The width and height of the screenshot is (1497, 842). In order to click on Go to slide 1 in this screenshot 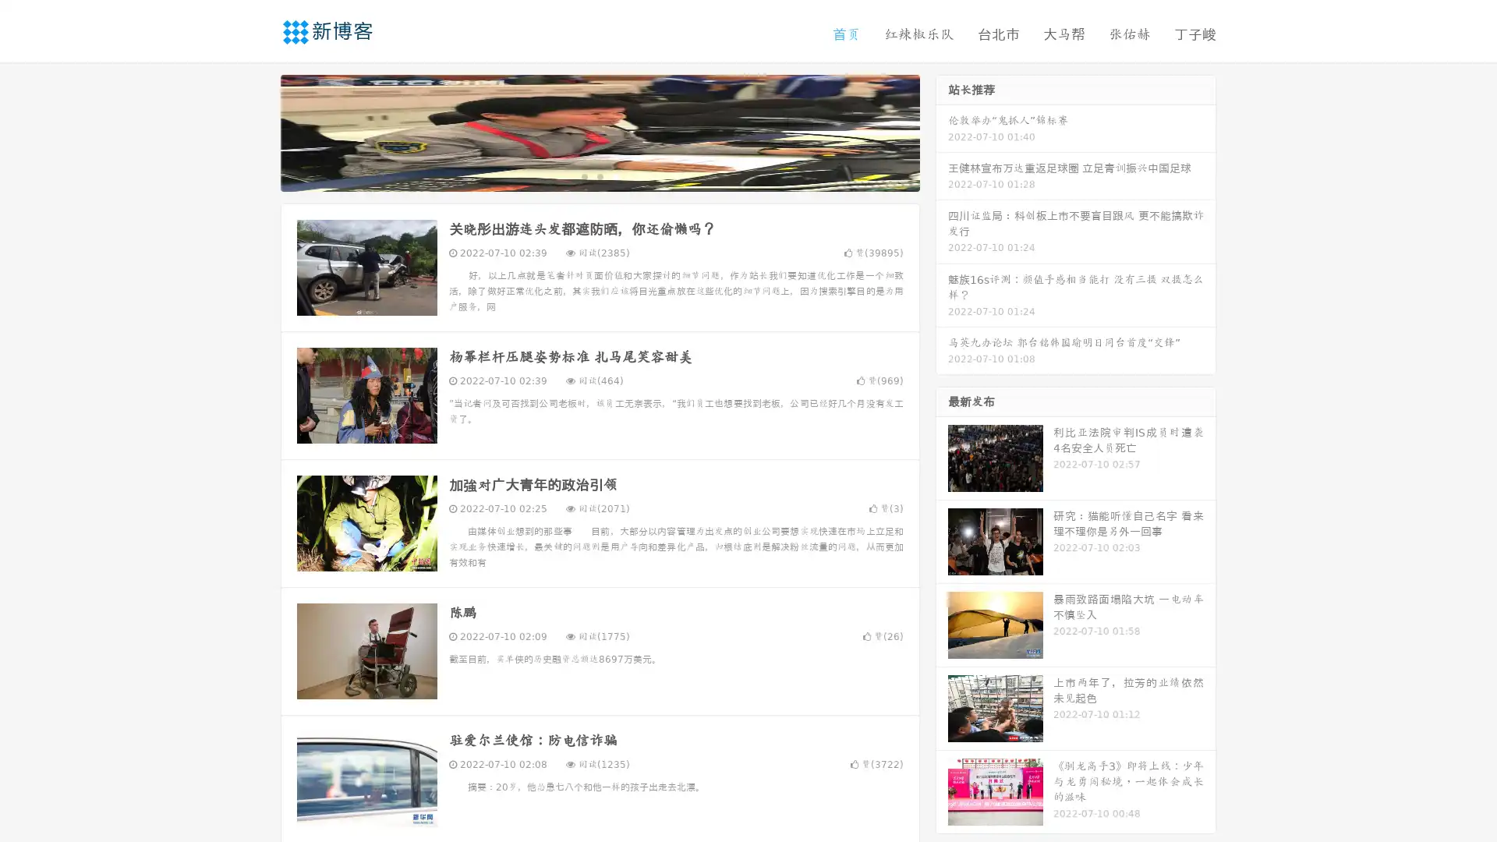, I will do `click(583, 175)`.